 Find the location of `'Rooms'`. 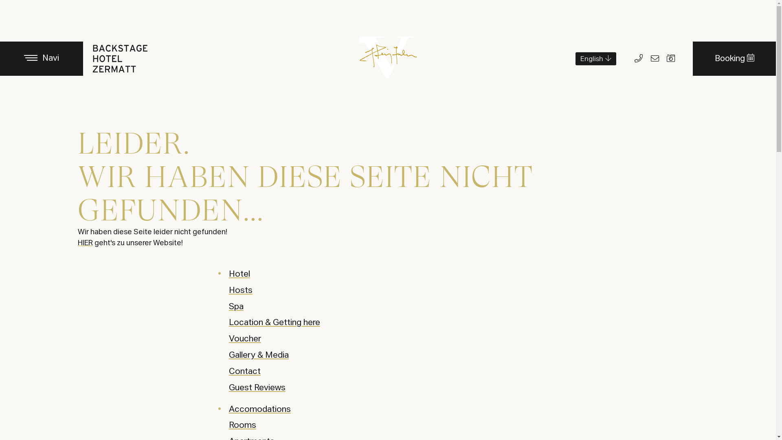

'Rooms' is located at coordinates (242, 425).